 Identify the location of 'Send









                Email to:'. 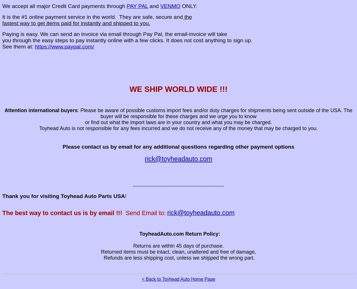
(145, 213).